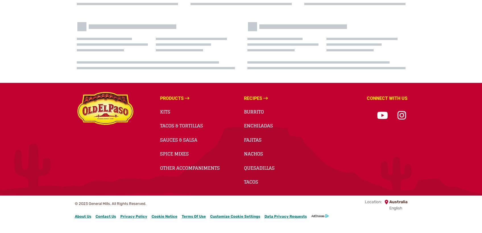 This screenshot has height=233, width=482. What do you see at coordinates (366, 98) in the screenshot?
I see `'Connect With Us'` at bounding box center [366, 98].